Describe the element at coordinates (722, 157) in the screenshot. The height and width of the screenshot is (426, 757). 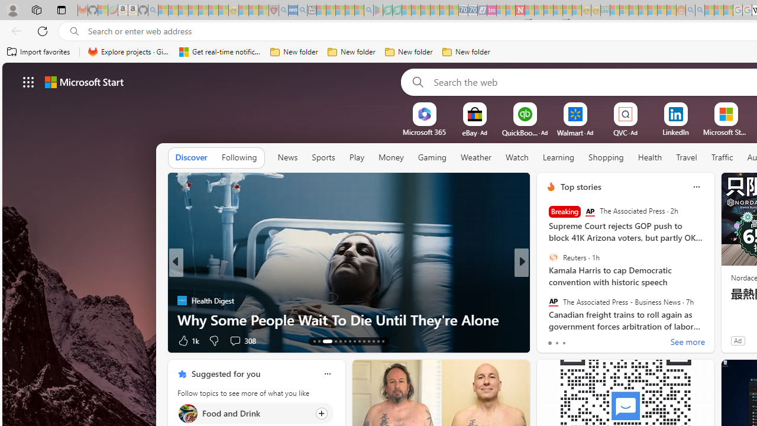
I see `'Traffic'` at that location.